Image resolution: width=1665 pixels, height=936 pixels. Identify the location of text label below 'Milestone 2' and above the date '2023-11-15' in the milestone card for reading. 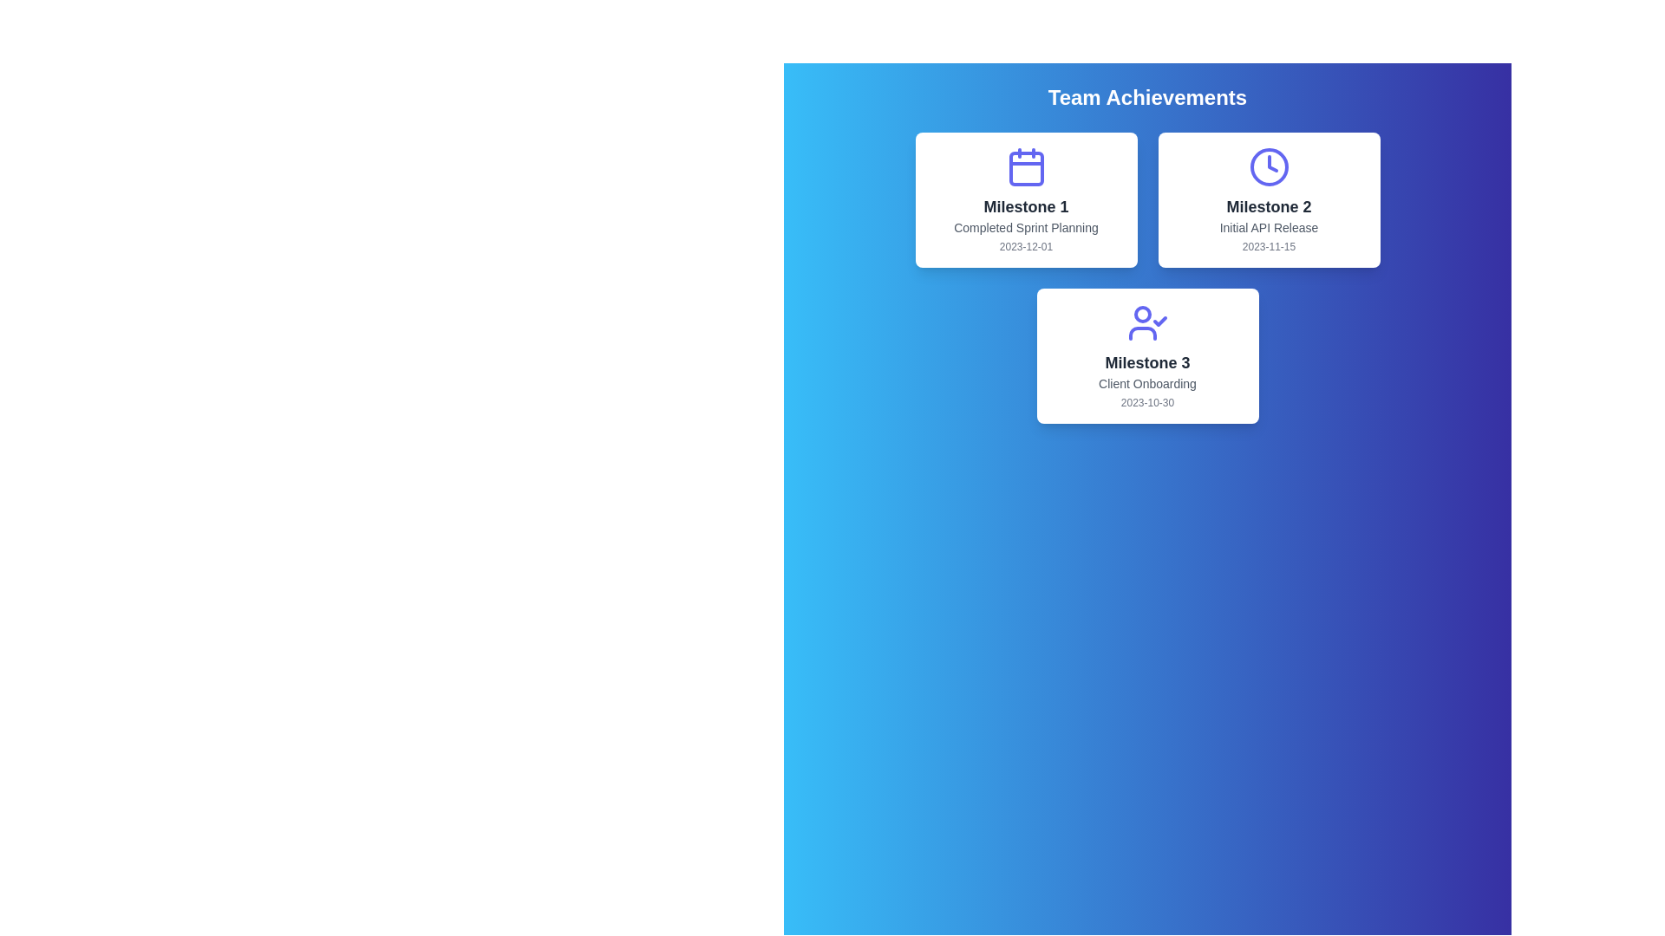
(1269, 226).